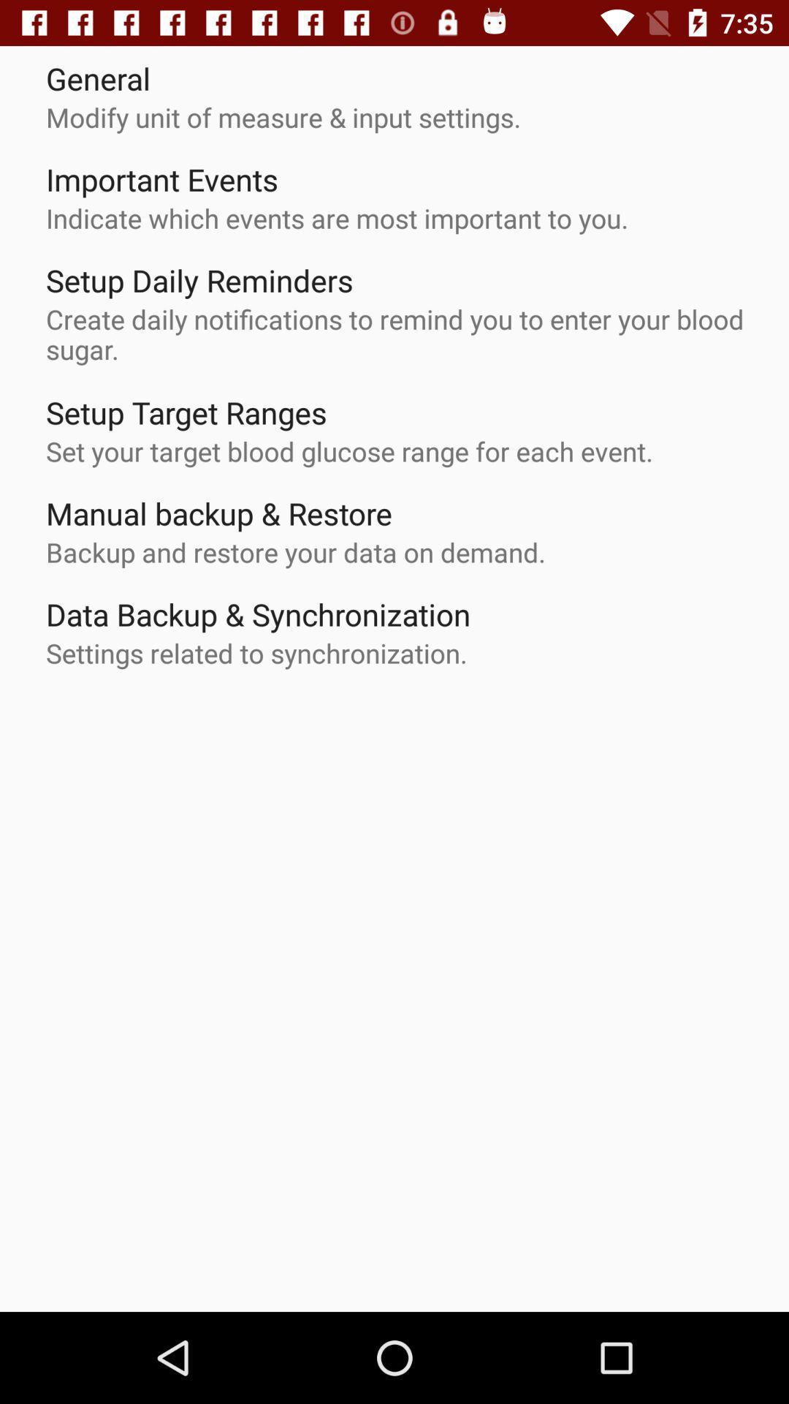 This screenshot has height=1404, width=789. Describe the element at coordinates (402, 333) in the screenshot. I see `the create daily notifications icon` at that location.